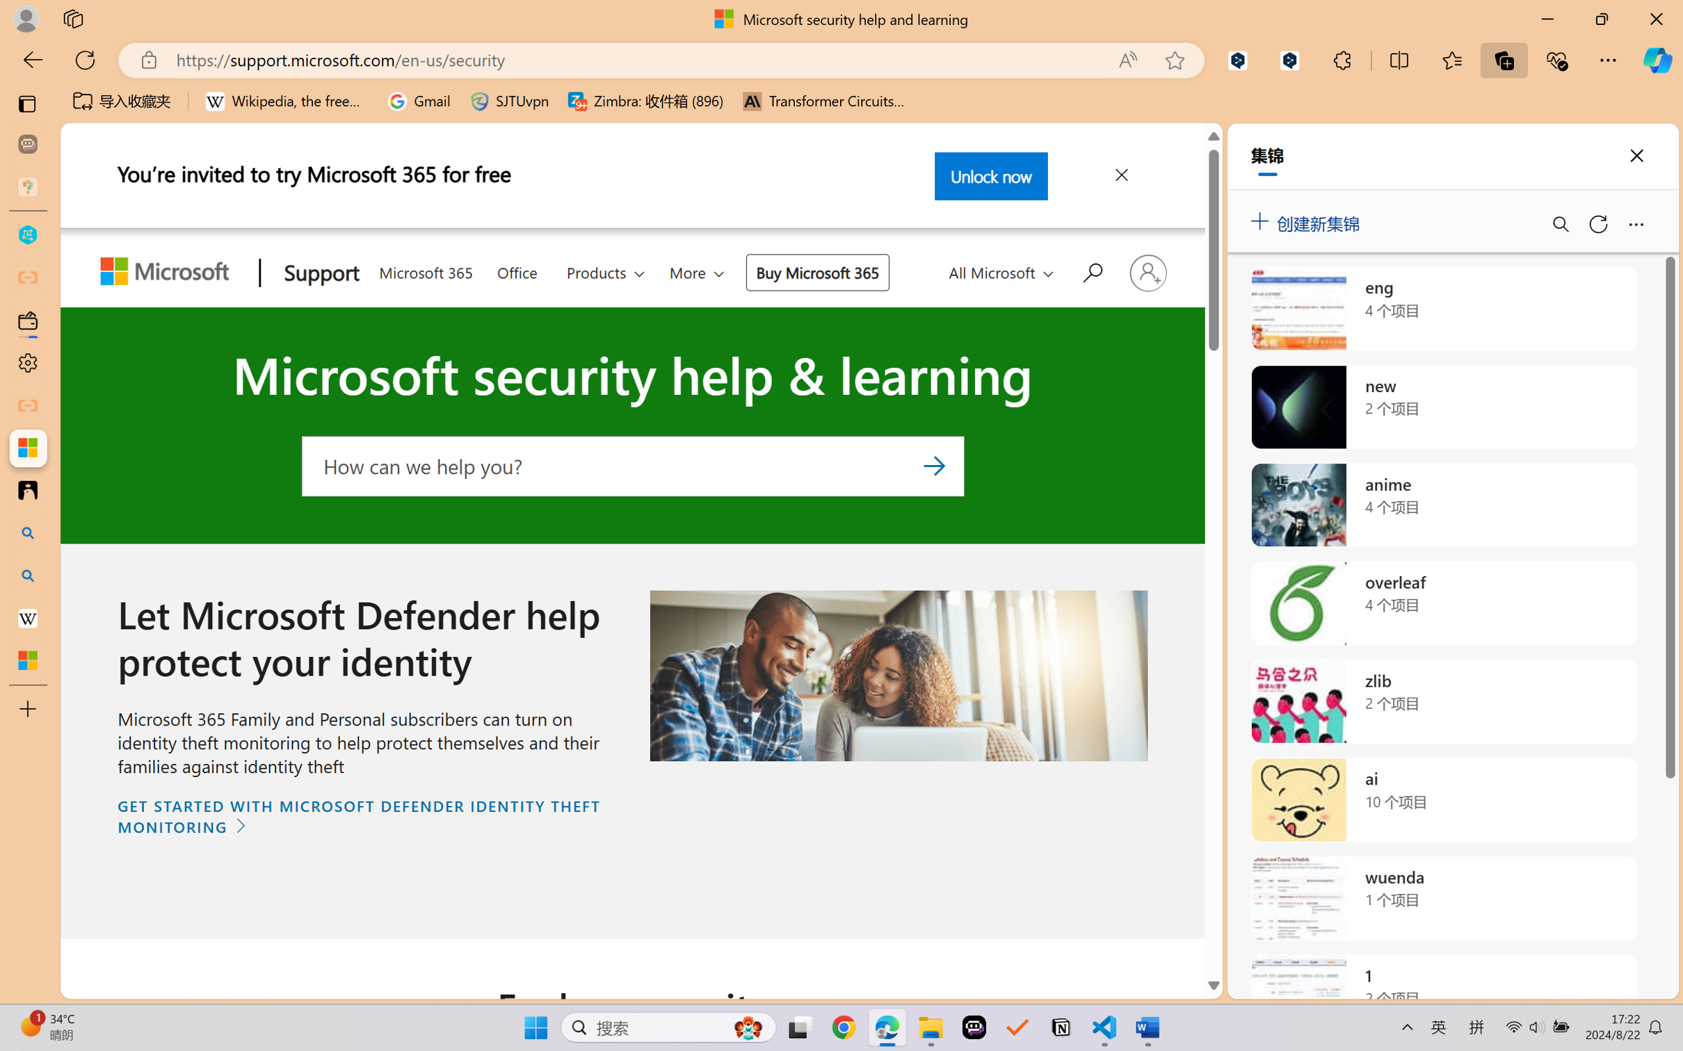 This screenshot has width=1683, height=1051. I want to click on 'Gmail', so click(418, 101).